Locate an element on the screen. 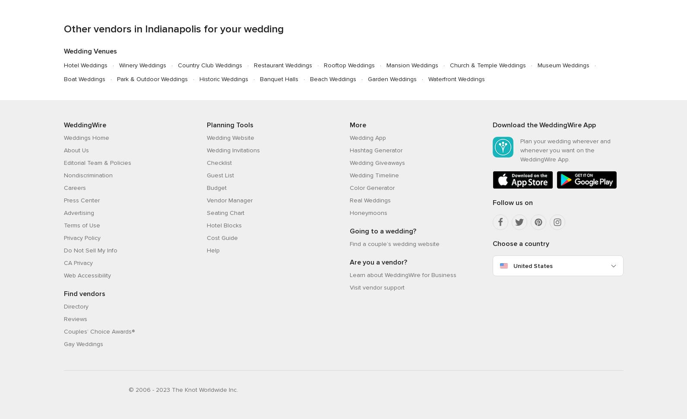 The image size is (687, 419). 'Waterfront Weddings' is located at coordinates (456, 78).